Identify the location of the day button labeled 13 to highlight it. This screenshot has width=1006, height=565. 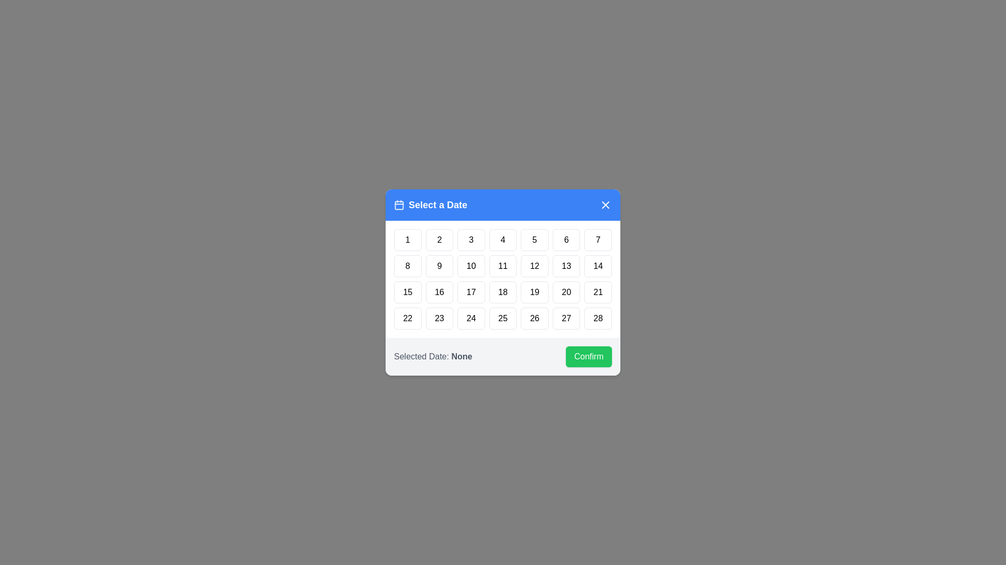
(565, 266).